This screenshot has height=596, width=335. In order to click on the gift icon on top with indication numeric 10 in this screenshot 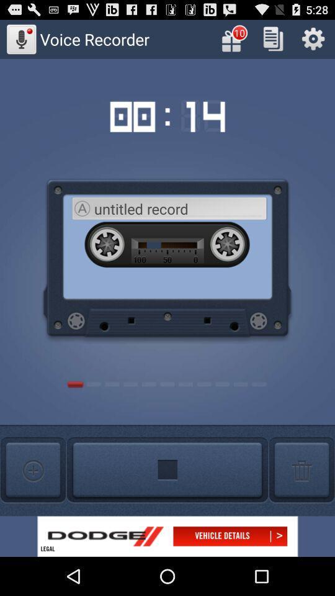, I will do `click(233, 38)`.